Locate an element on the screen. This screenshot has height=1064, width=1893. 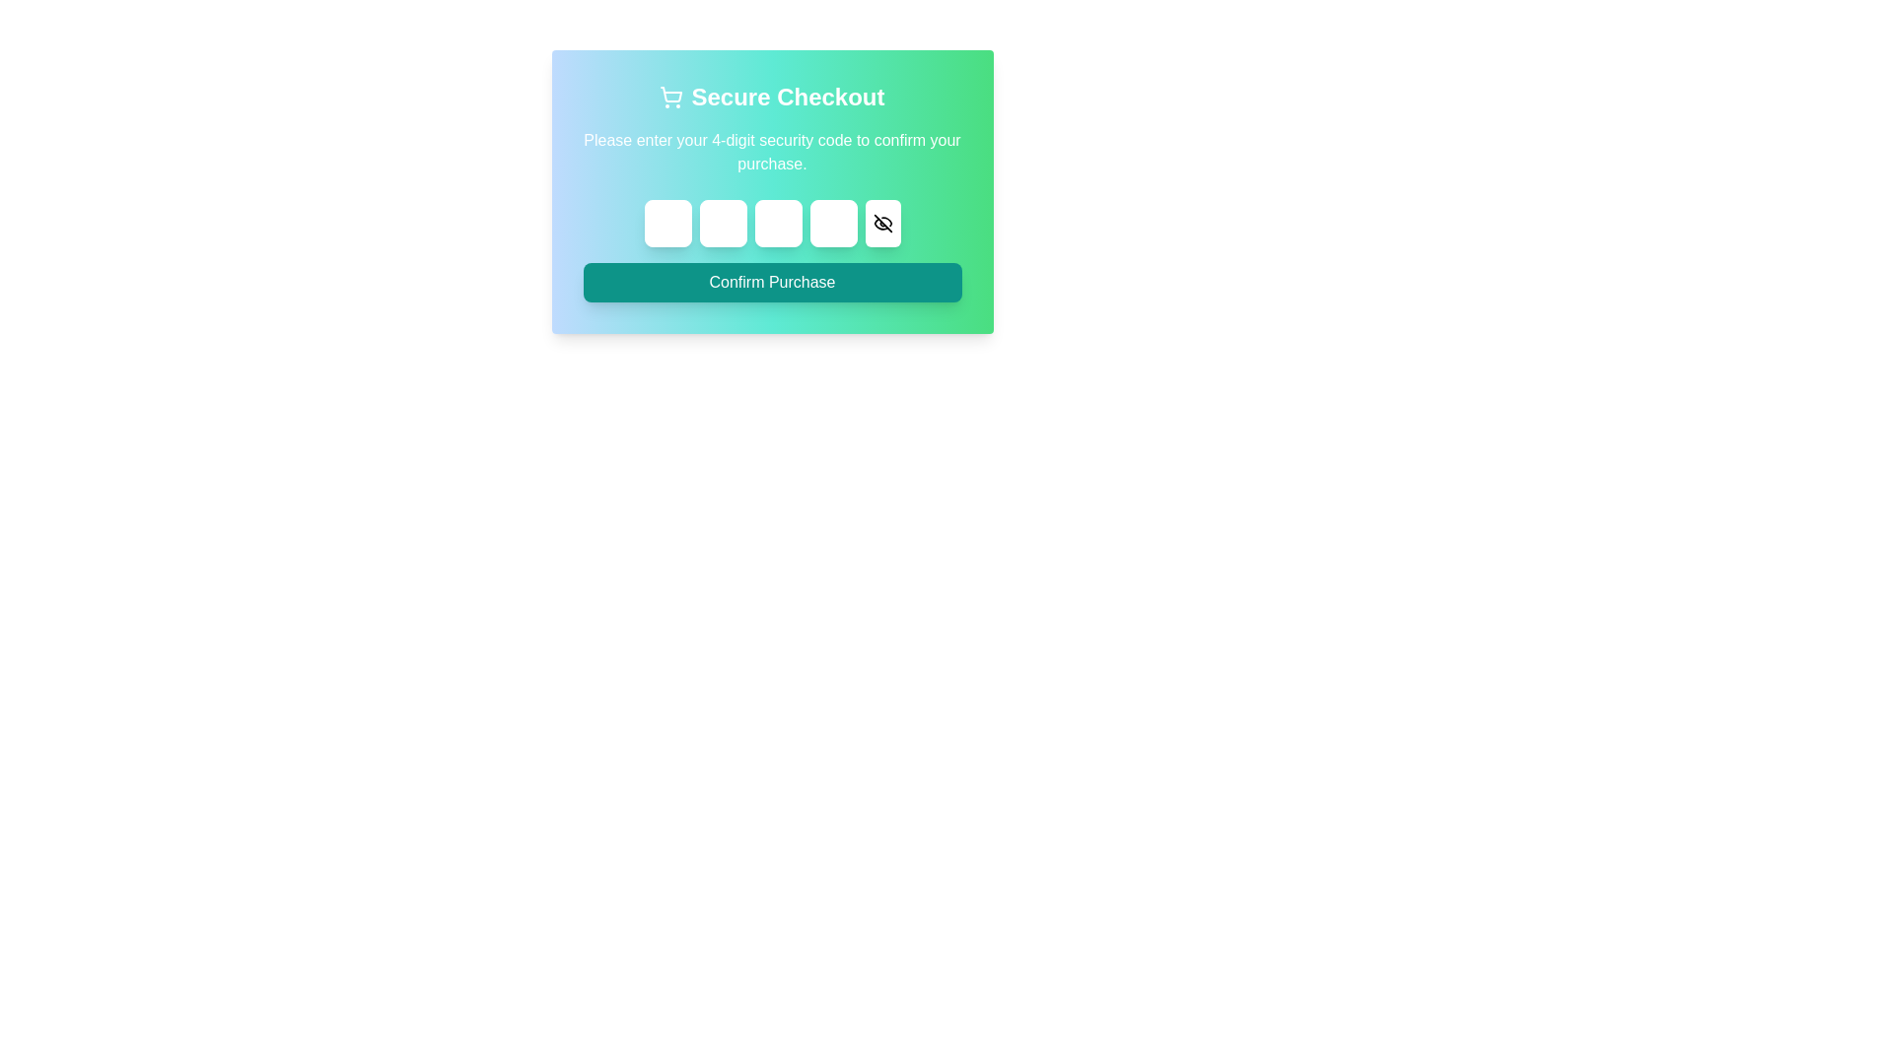
the visibility toggle icon button, which is a small eye icon with a diagonal strike-through line, located centrally within the green checkout card is located at coordinates (881, 223).